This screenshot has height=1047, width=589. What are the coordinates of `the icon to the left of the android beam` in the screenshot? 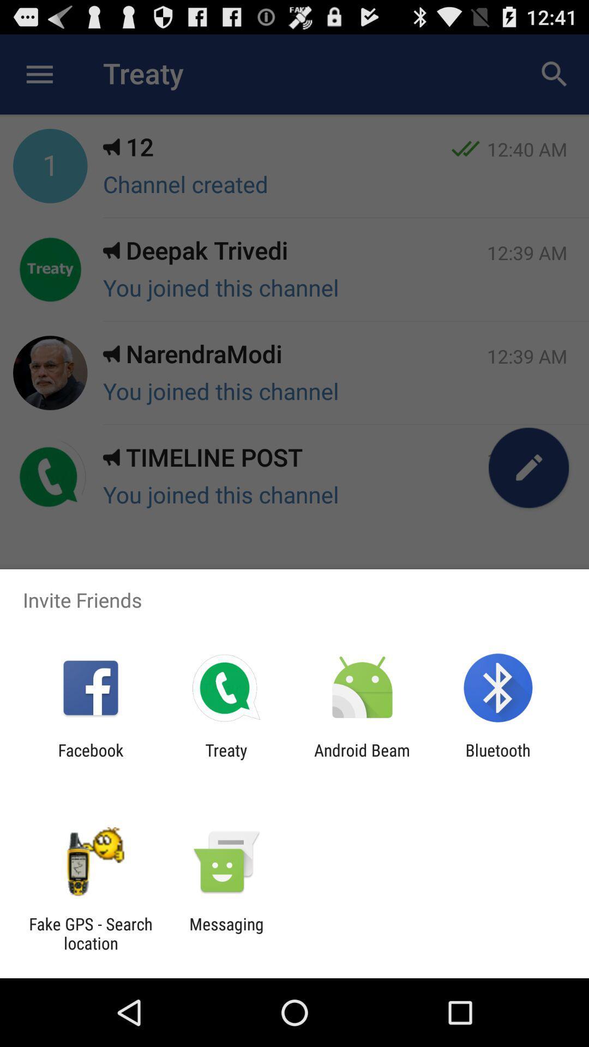 It's located at (226, 759).